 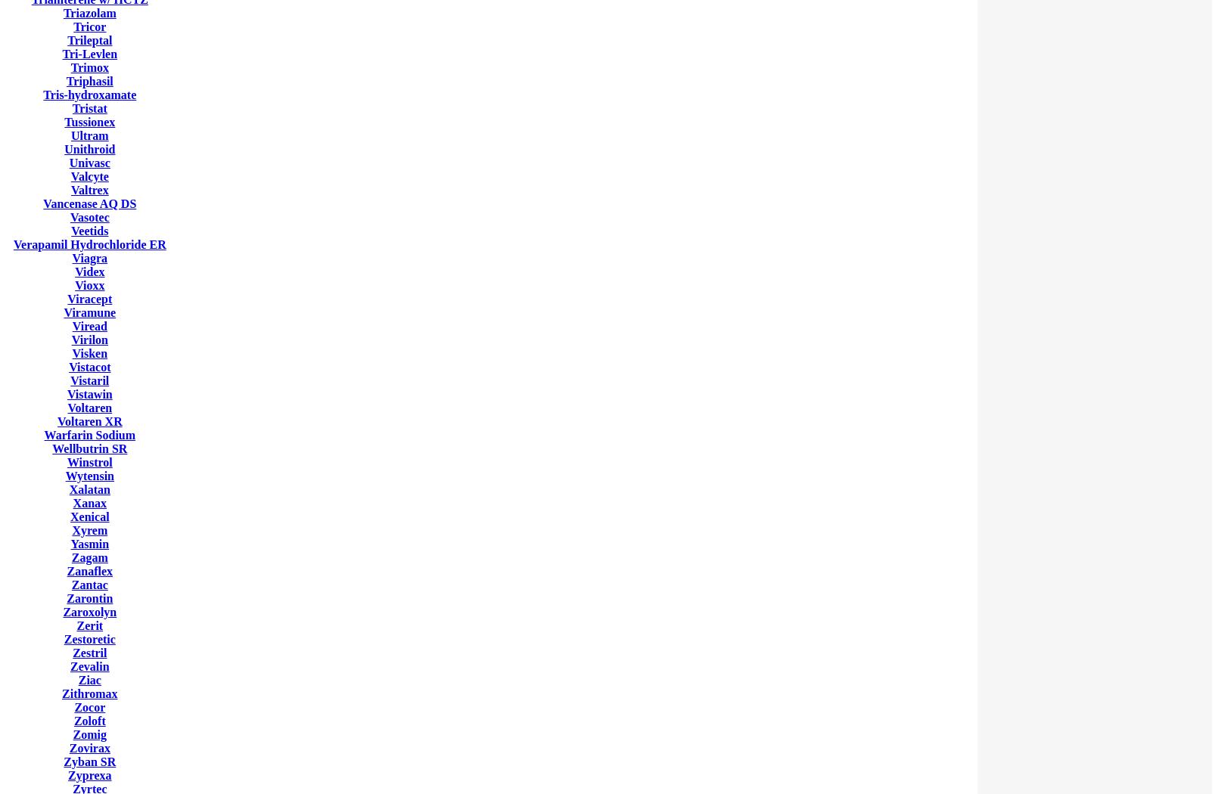 What do you see at coordinates (89, 122) in the screenshot?
I see `'Tussionex'` at bounding box center [89, 122].